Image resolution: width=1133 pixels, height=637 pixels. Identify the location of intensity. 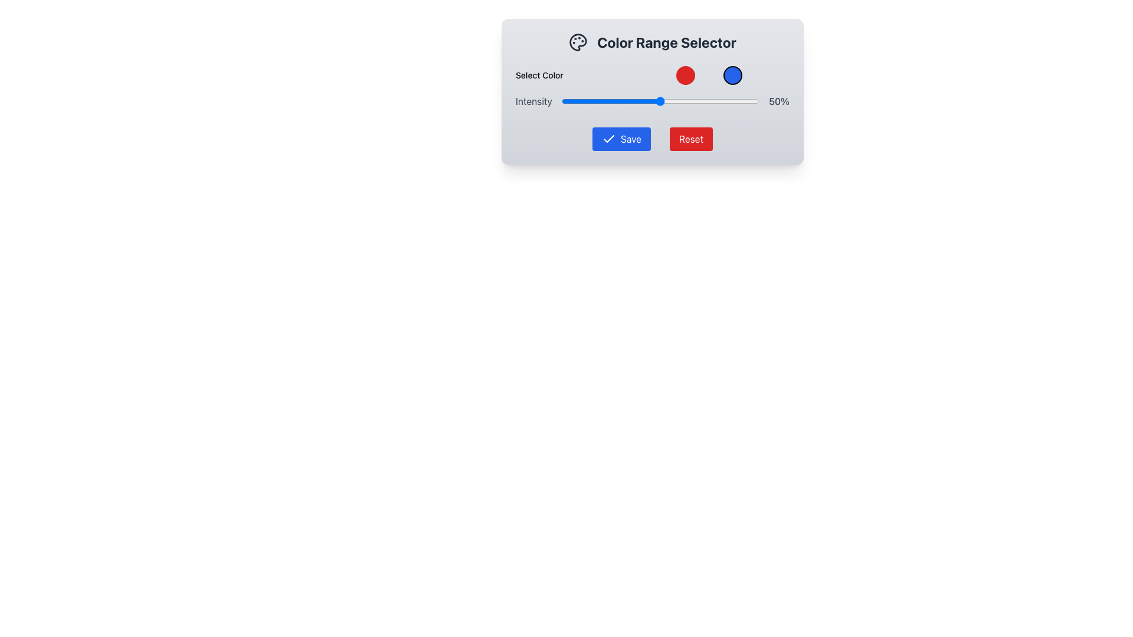
(624, 101).